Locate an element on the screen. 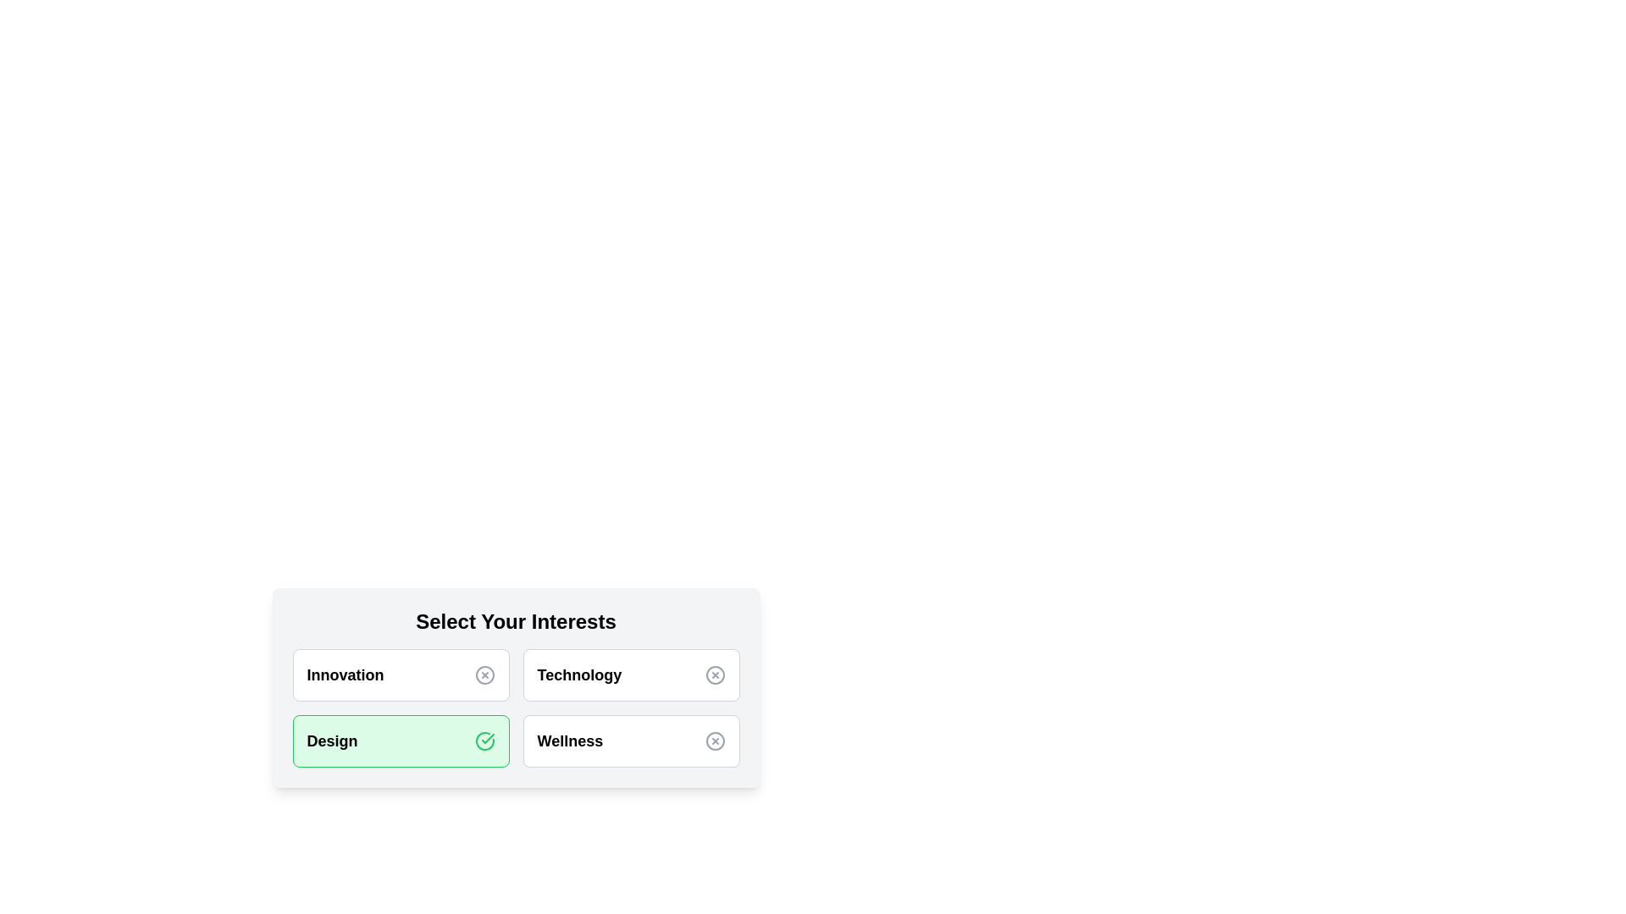 The image size is (1626, 914). the category Wellness to see its hover effect is located at coordinates (630, 740).